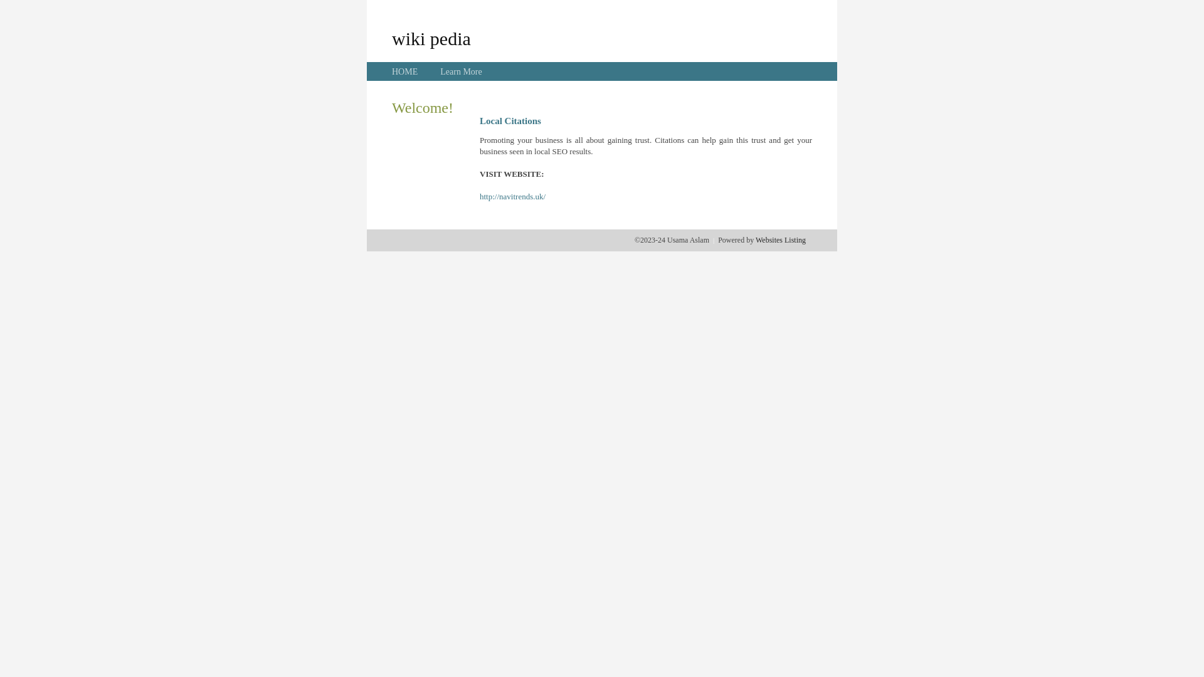 The image size is (1204, 677). Describe the element at coordinates (512, 196) in the screenshot. I see `'http://navitrends.uk/'` at that location.